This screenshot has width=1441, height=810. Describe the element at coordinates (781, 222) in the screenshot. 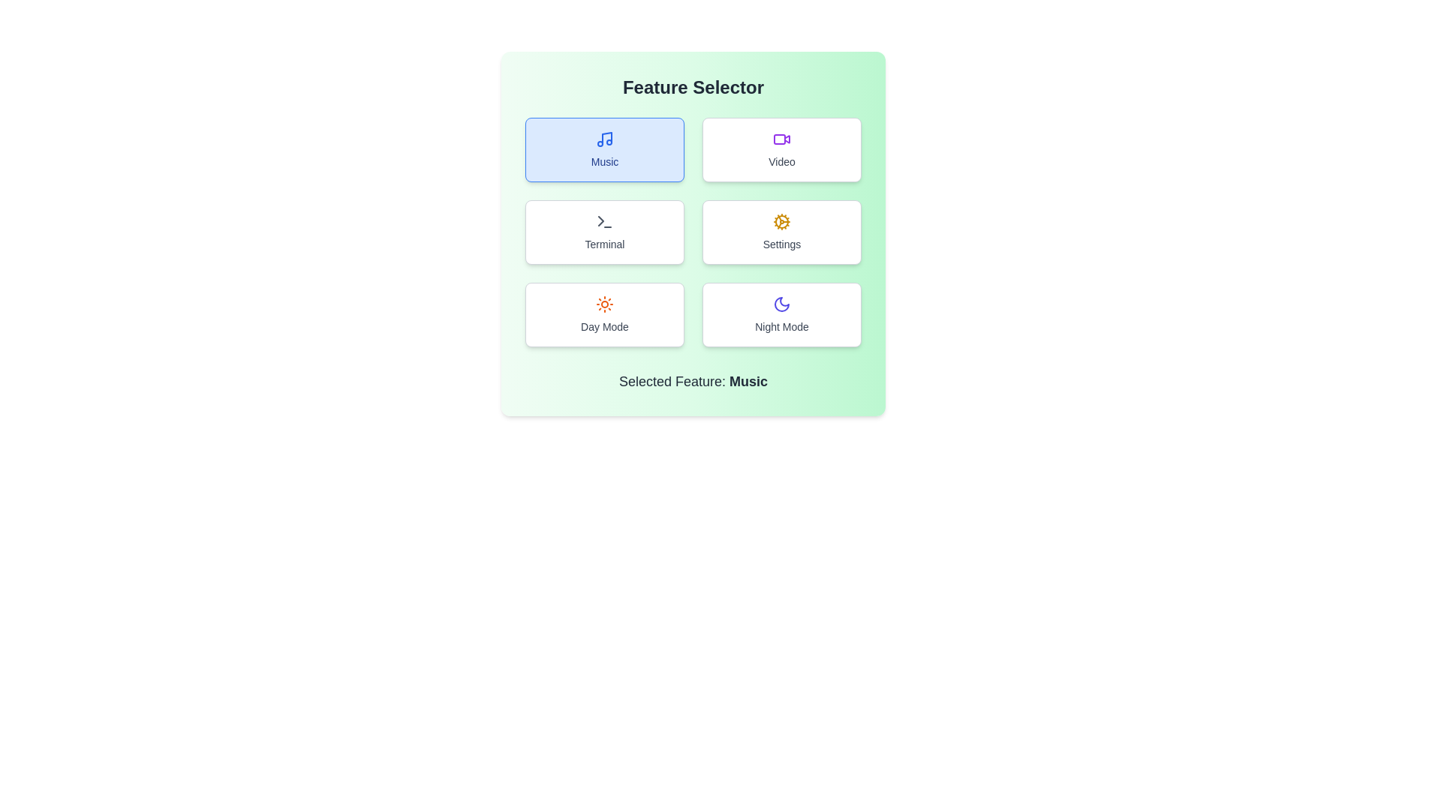

I see `the yellow cogwheel icon representing settings, located at the top-center of the 'Settings' card` at that location.